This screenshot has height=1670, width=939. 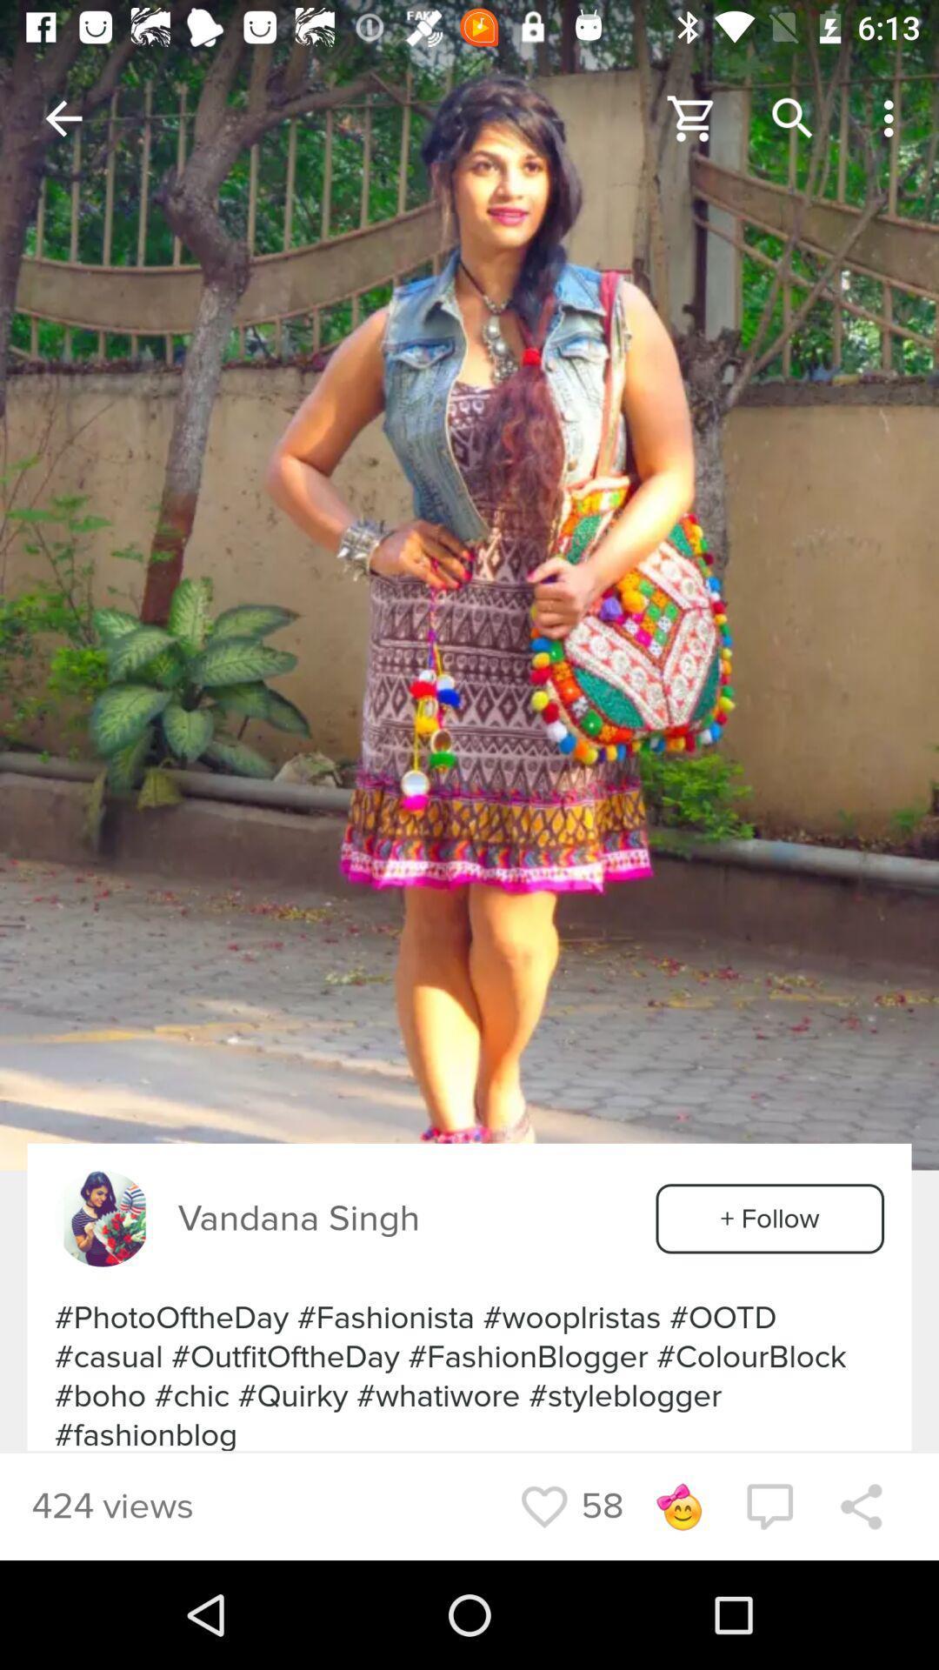 What do you see at coordinates (103, 1218) in the screenshot?
I see `adversitiment` at bounding box center [103, 1218].